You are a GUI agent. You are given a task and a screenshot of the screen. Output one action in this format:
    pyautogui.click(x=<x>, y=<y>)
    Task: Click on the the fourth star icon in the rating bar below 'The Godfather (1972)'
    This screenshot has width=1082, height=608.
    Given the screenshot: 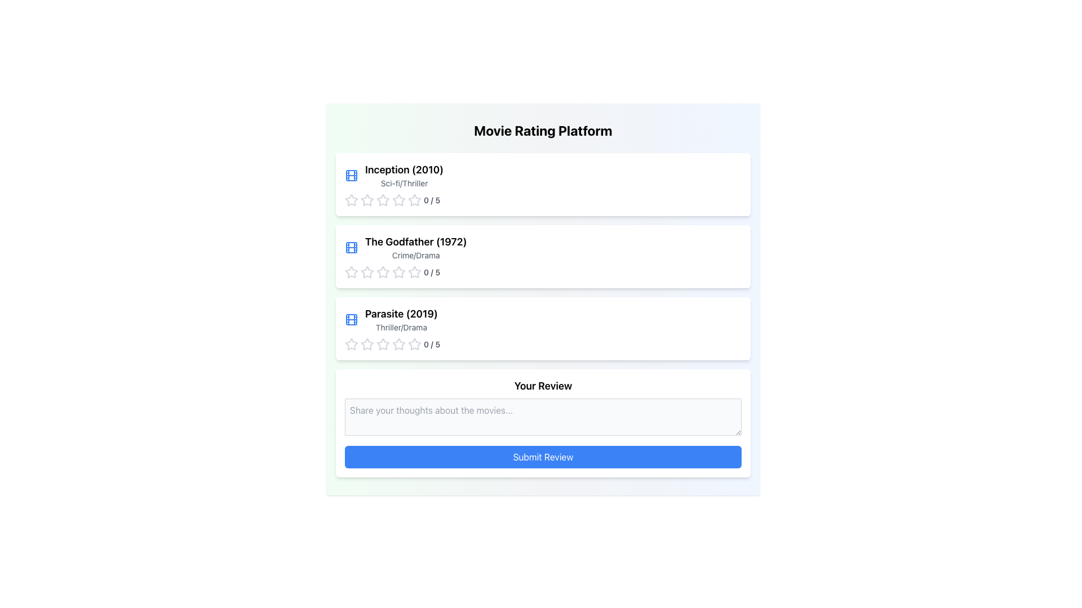 What is the action you would take?
    pyautogui.click(x=383, y=272)
    